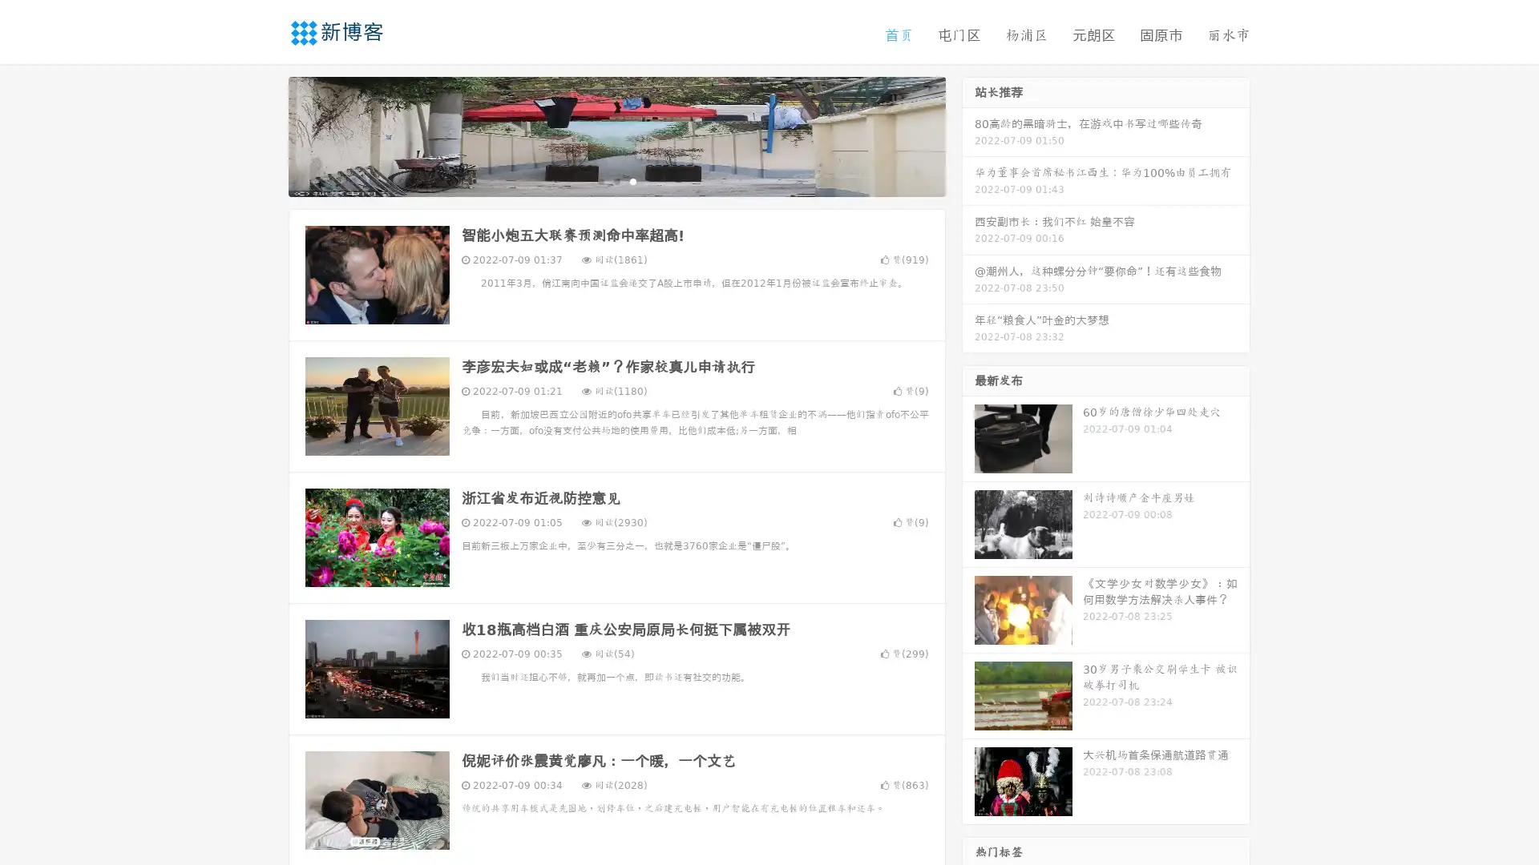 This screenshot has height=865, width=1539. I want to click on Go to slide 1, so click(600, 180).